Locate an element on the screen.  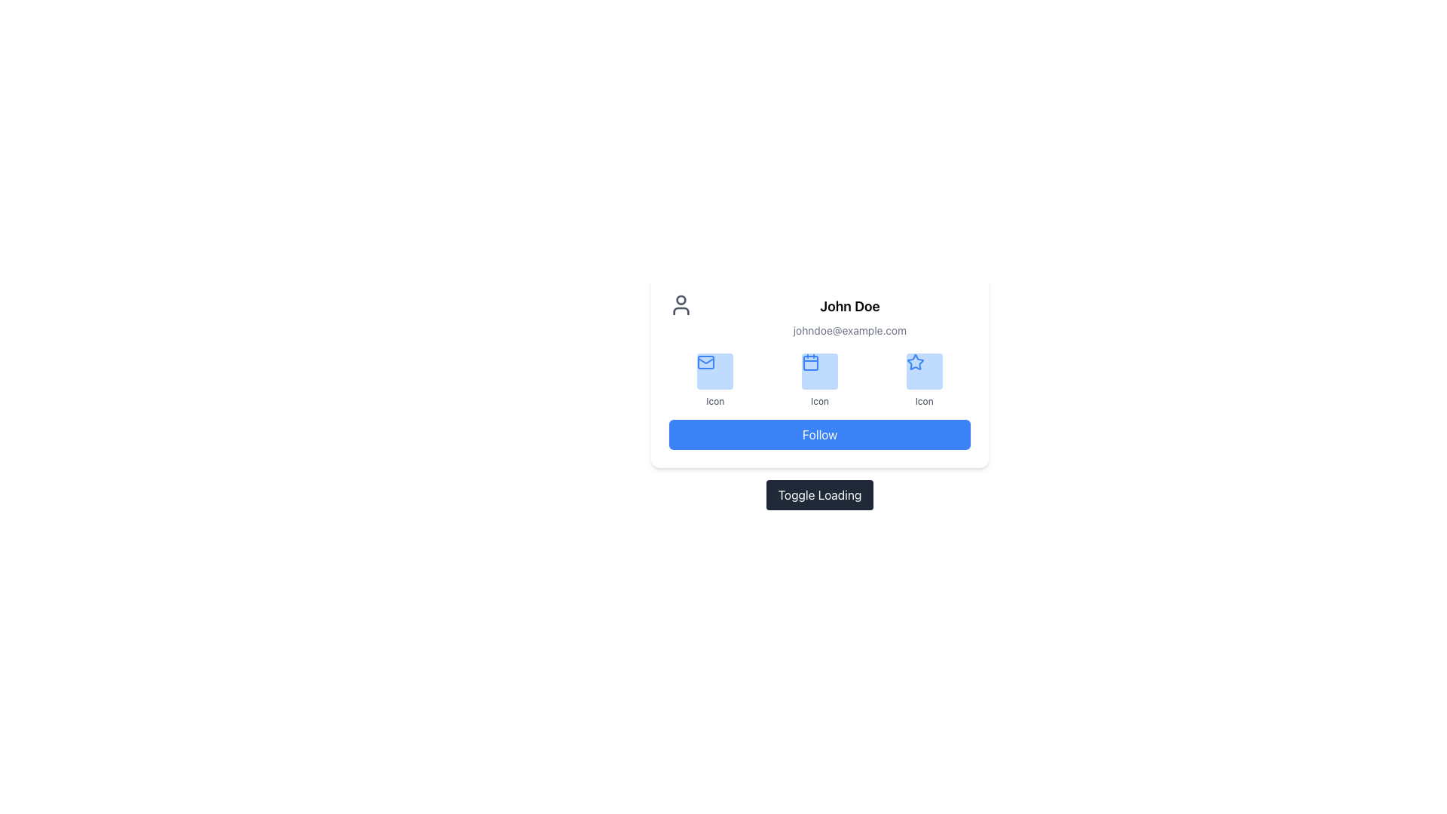
email envelope icon, which is the first icon in a row of three icons, using developer tools is located at coordinates (705, 363).